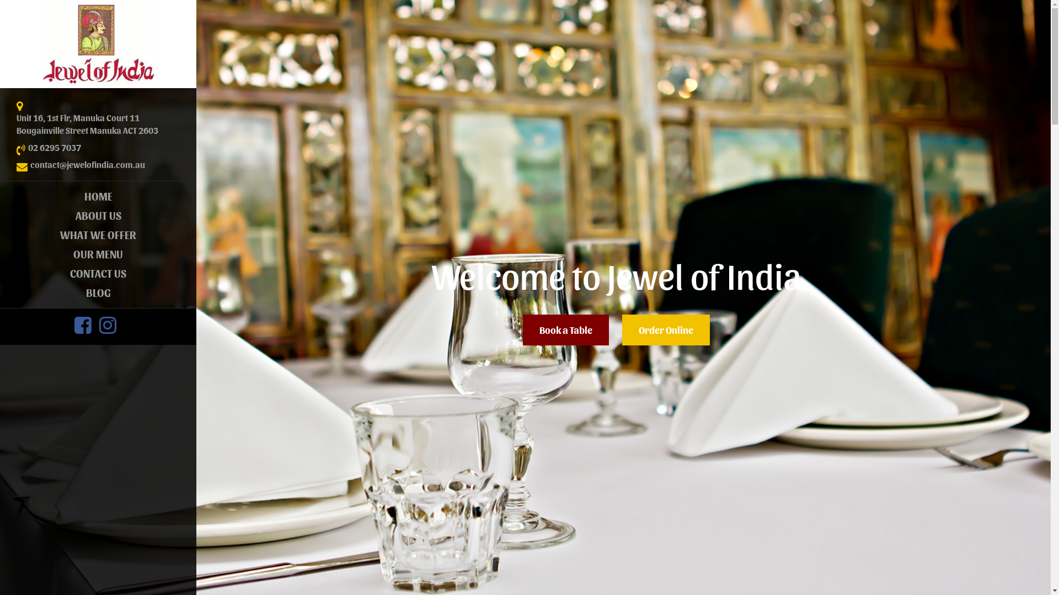 This screenshot has width=1059, height=595. Describe the element at coordinates (54, 147) in the screenshot. I see `'02 6295 7037'` at that location.